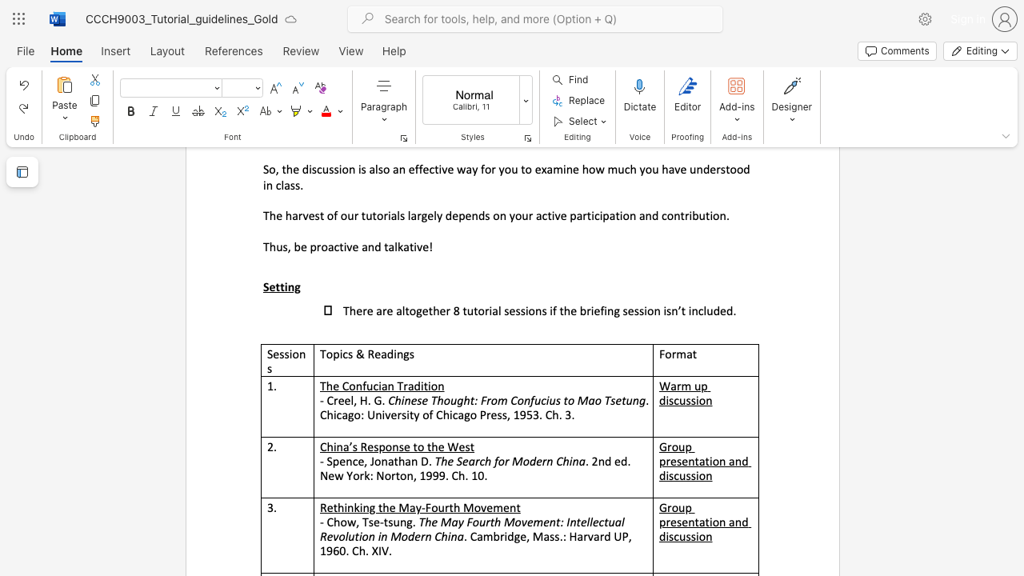  Describe the element at coordinates (385, 414) in the screenshot. I see `the subset text "versity of Chi" within the text ". Chicago: University of Chicago Press, 1953. Ch. 3."` at that location.